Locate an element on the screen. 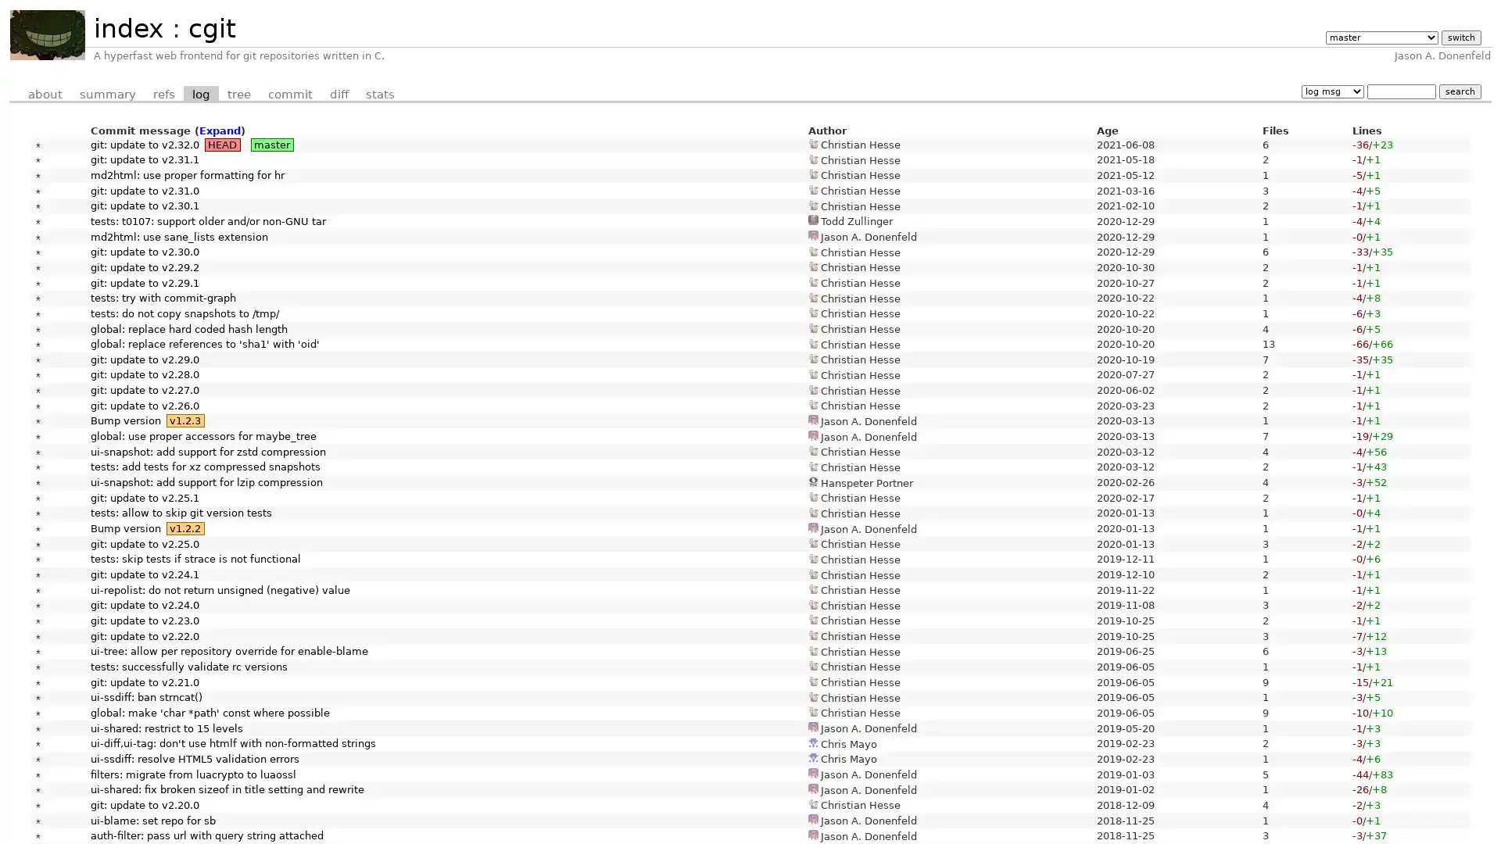 The height and width of the screenshot is (844, 1501). switch is located at coordinates (1460, 37).